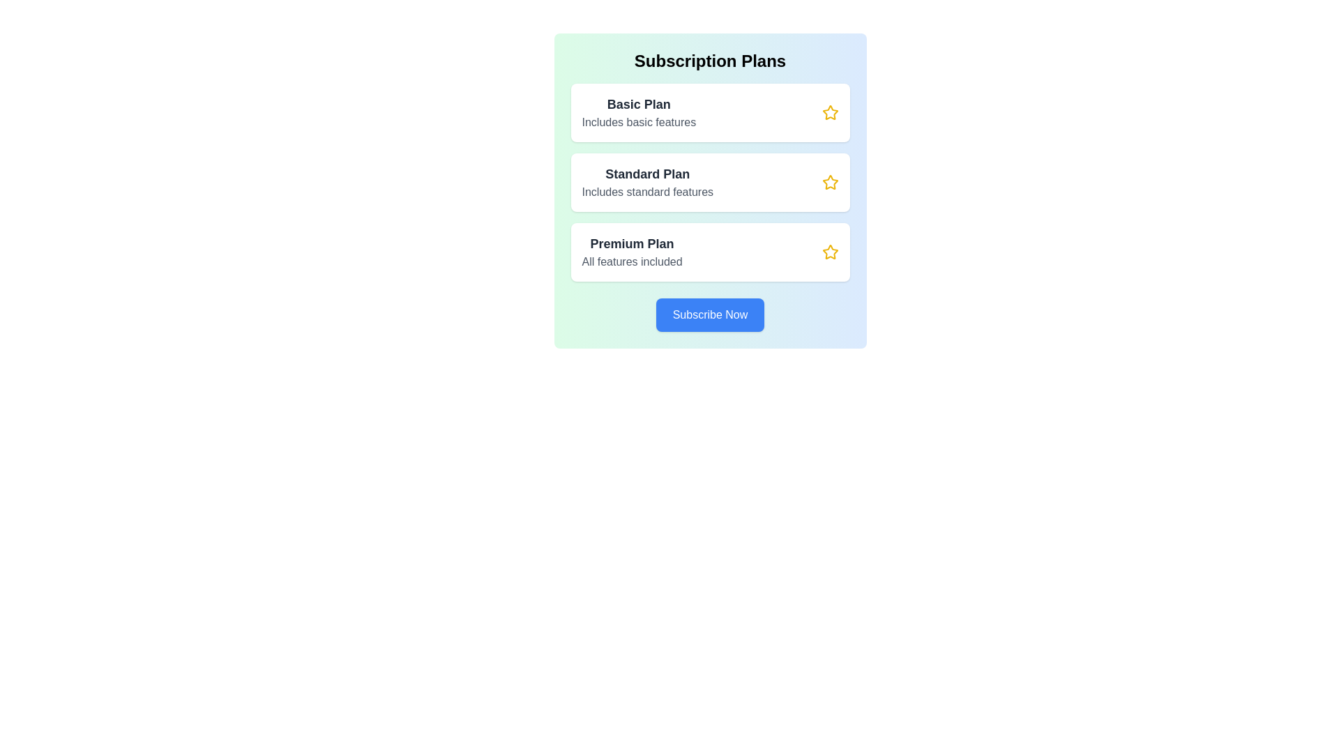 The width and height of the screenshot is (1339, 753). I want to click on star icon associated with the Basic plan, so click(830, 112).